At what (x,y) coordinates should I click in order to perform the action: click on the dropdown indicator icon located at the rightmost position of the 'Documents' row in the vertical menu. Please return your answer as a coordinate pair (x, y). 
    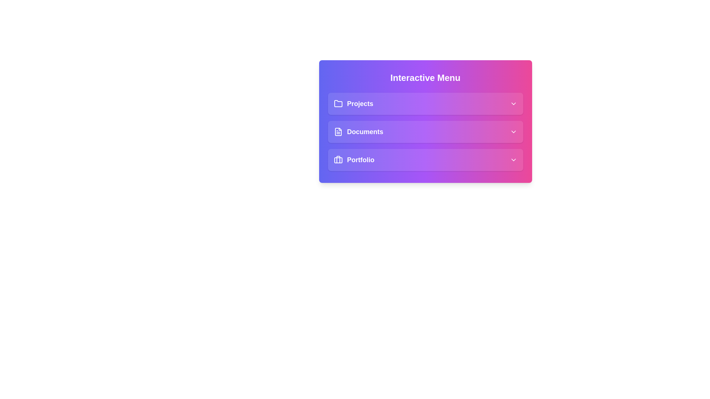
    Looking at the image, I should click on (513, 132).